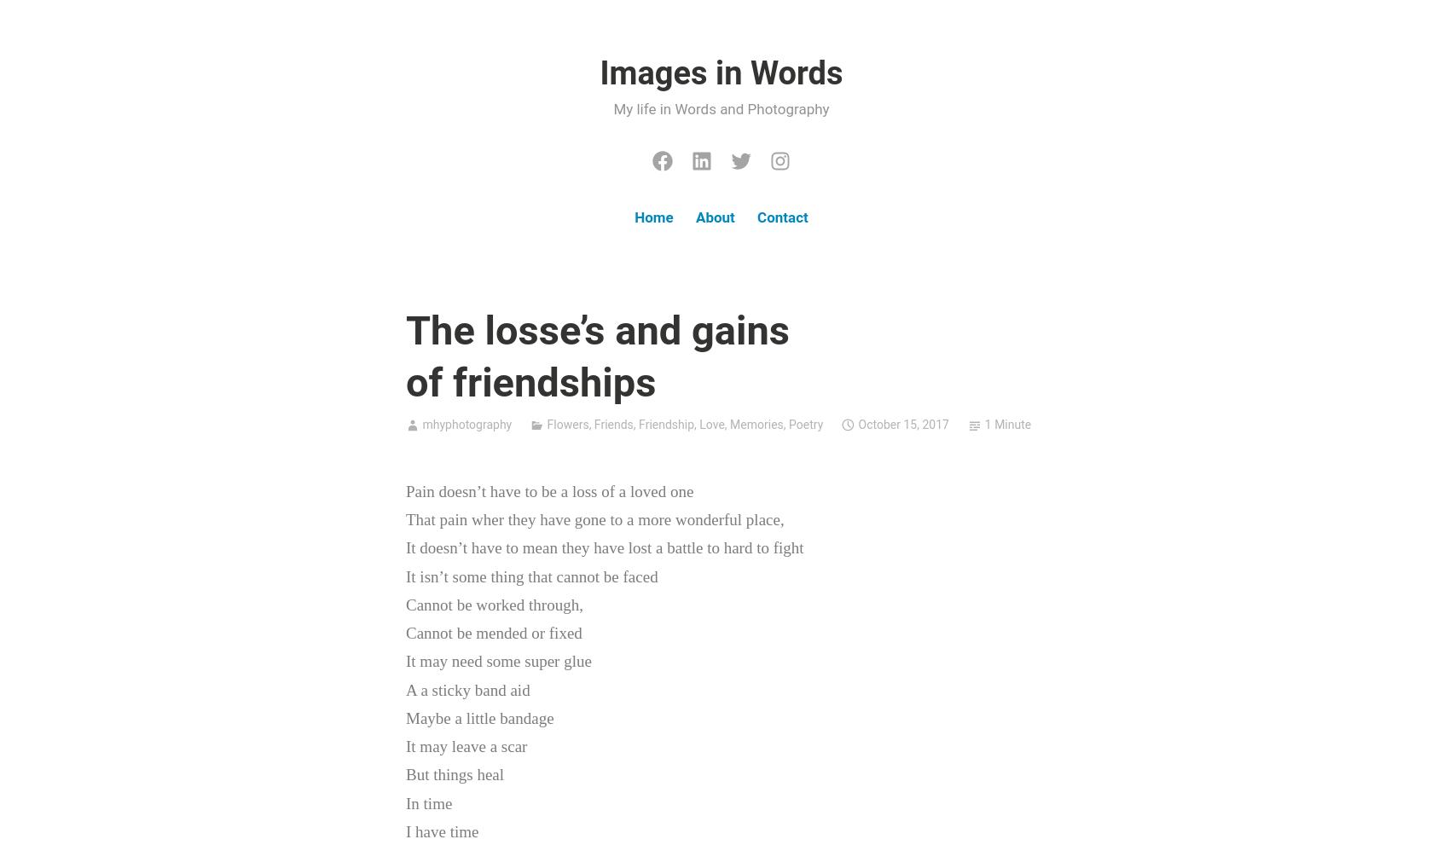 The width and height of the screenshot is (1443, 845). I want to click on 'Friendship', so click(666, 424).